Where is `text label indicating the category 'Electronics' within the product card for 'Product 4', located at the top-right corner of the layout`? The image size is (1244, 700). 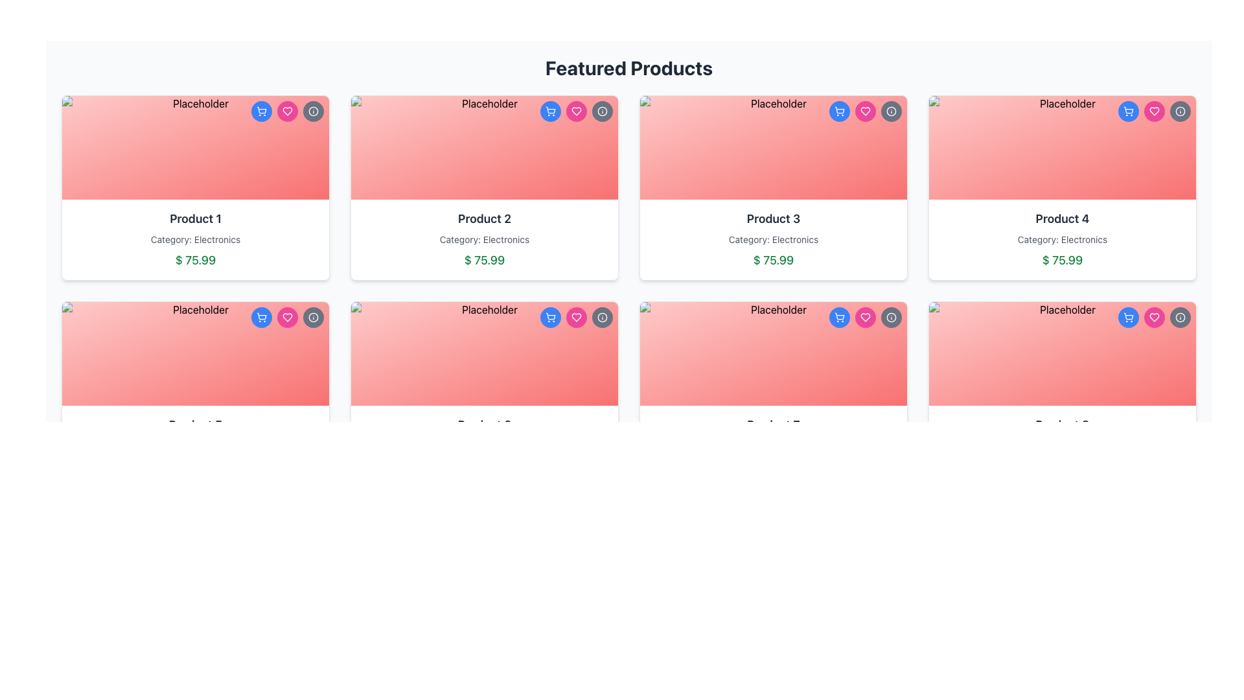
text label indicating the category 'Electronics' within the product card for 'Product 4', located at the top-right corner of the layout is located at coordinates (1063, 240).